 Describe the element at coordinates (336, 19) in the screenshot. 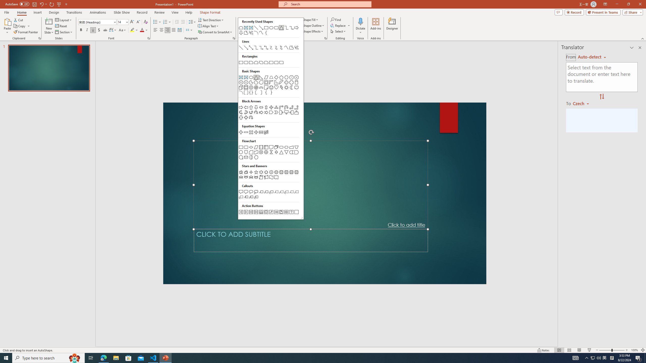

I see `'Find...'` at that location.